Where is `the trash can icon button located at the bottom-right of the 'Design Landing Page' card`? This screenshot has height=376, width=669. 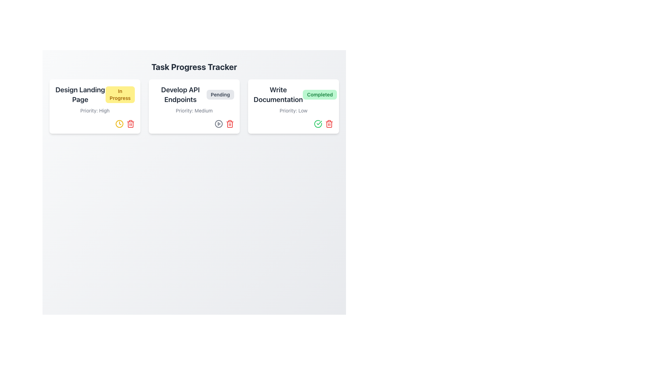 the trash can icon button located at the bottom-right of the 'Design Landing Page' card is located at coordinates (130, 123).